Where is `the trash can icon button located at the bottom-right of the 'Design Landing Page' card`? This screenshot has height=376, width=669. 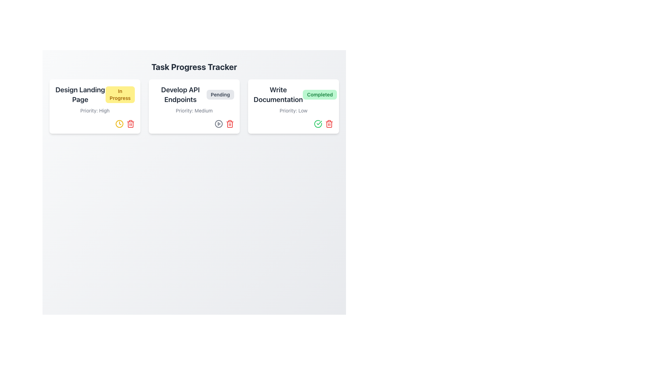 the trash can icon button located at the bottom-right of the 'Design Landing Page' card is located at coordinates (130, 123).